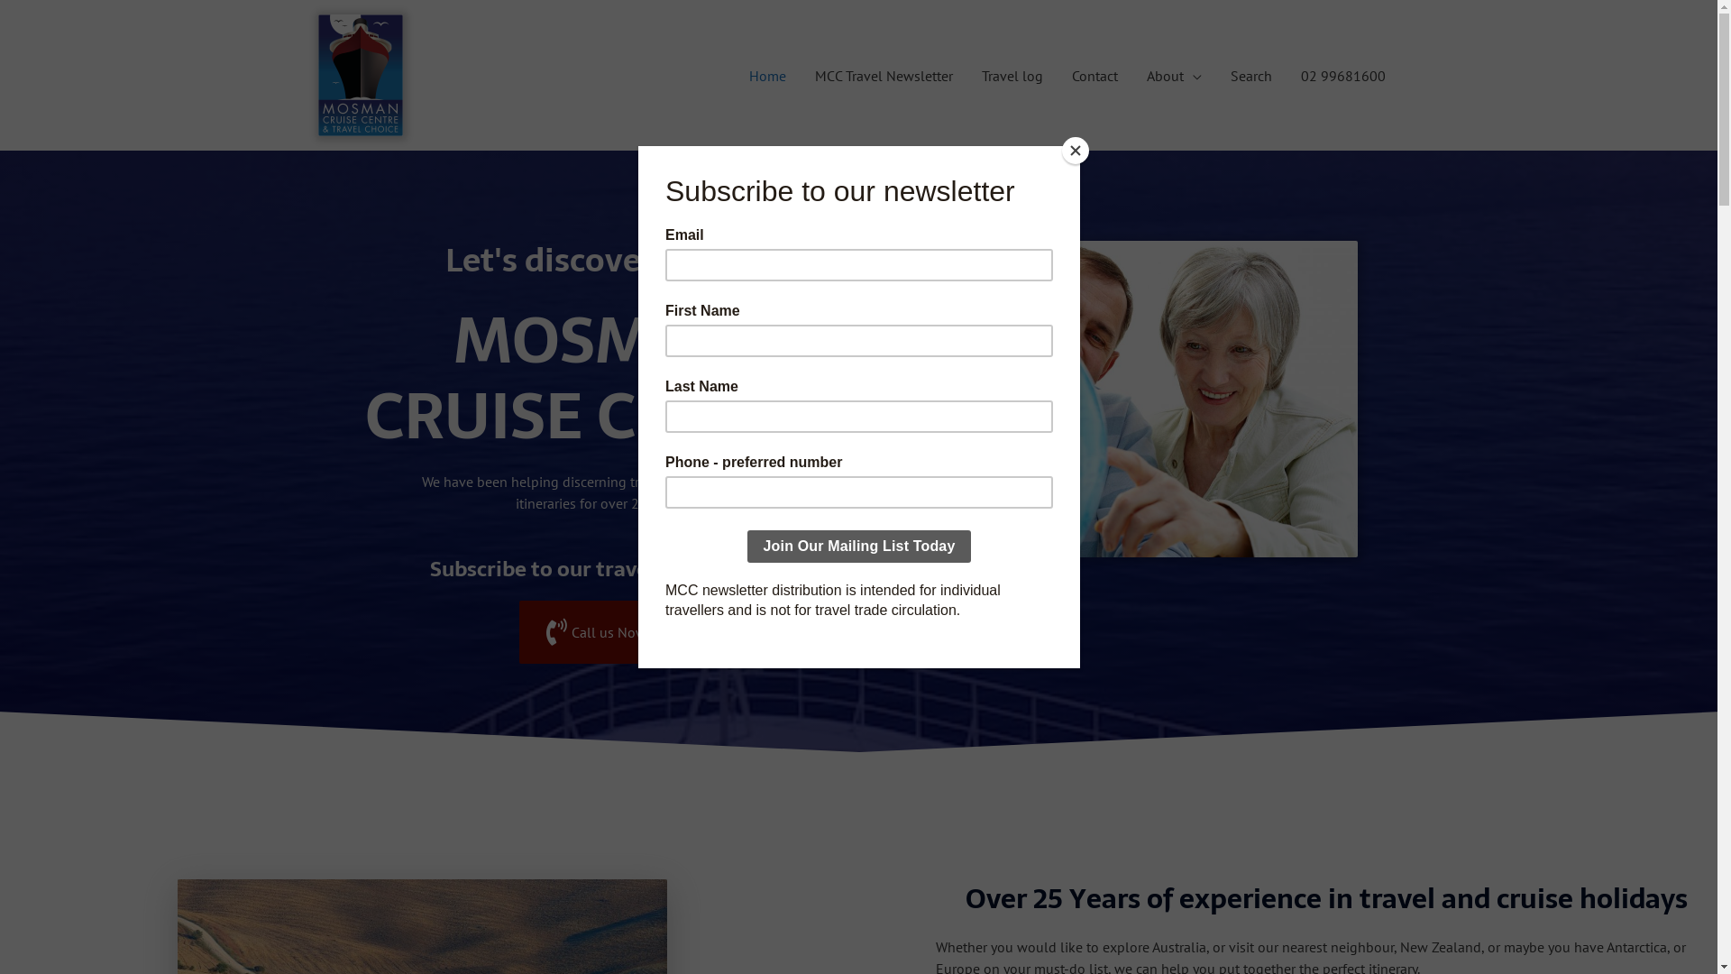 Image resolution: width=1731 pixels, height=974 pixels. What do you see at coordinates (1250, 74) in the screenshot?
I see `'Search'` at bounding box center [1250, 74].